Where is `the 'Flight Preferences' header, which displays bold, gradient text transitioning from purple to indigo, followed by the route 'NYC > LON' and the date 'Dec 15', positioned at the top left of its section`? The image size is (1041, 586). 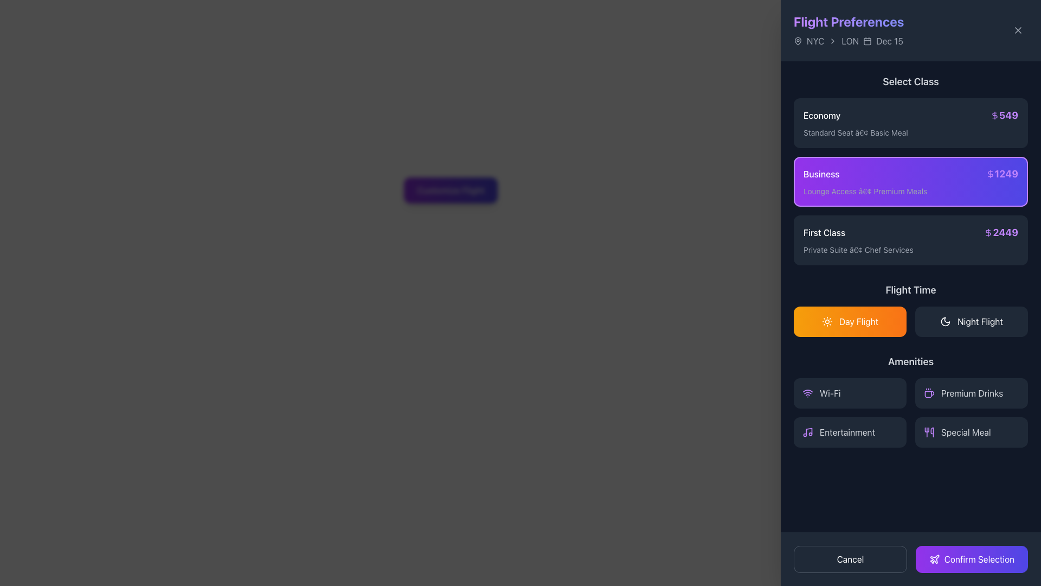
the 'Flight Preferences' header, which displays bold, gradient text transitioning from purple to indigo, followed by the route 'NYC > LON' and the date 'Dec 15', positioned at the top left of its section is located at coordinates (848, 30).